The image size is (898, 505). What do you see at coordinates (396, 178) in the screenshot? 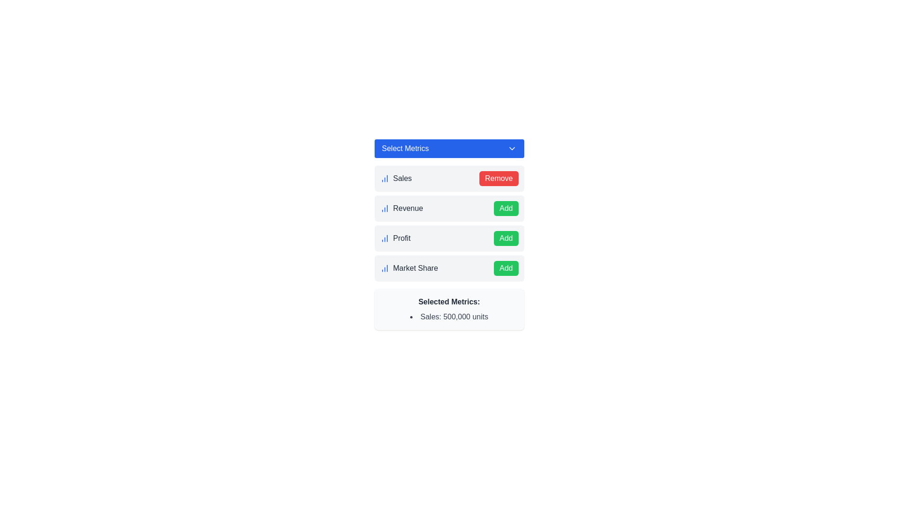
I see `the 'Sales' label that displays dark gray text and is positioned to the left of the 'Remove' button, above the 'Revenue' label` at bounding box center [396, 178].